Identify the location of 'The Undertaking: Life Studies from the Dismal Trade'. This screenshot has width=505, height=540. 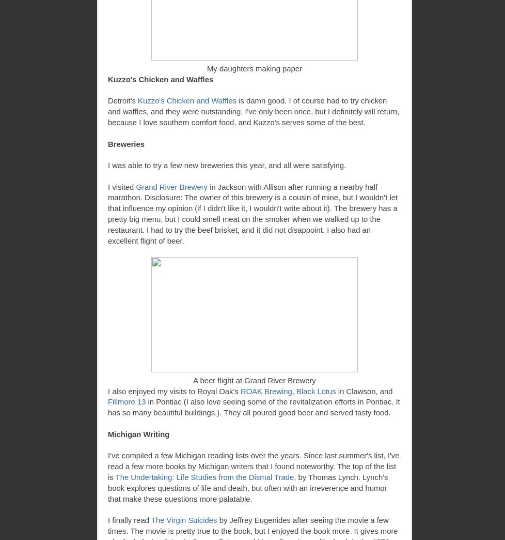
(203, 476).